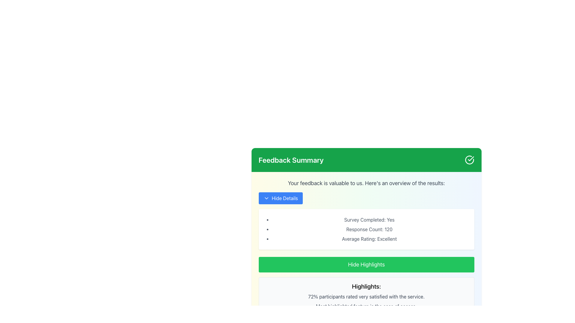  I want to click on the static text label that displays 'Survey Completed: Yes', which is the first item in a vertical list under the 'Hide Details' button, so click(369, 220).